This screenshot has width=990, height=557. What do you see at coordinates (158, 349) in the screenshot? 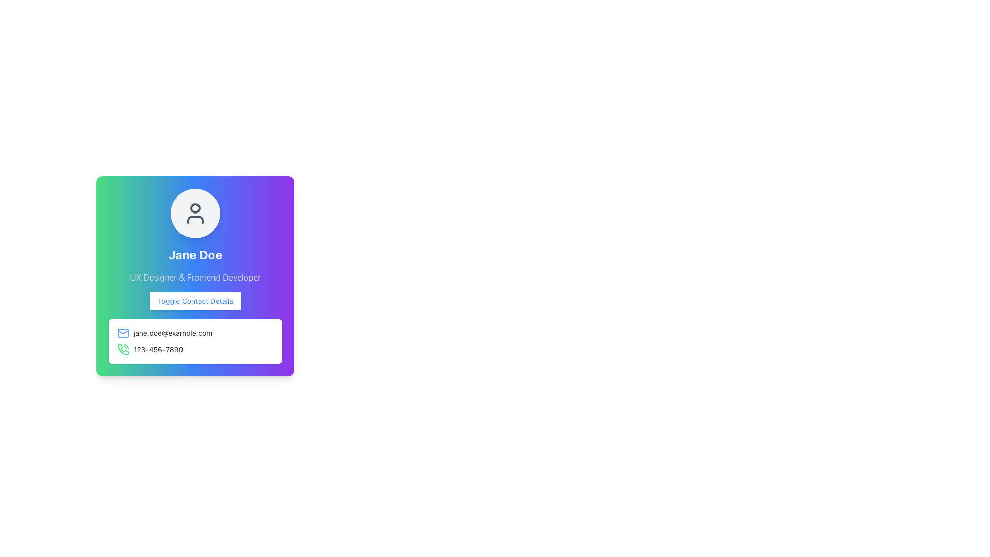
I see `phone number displayed in the Static Text located at the bottom of the card interface, positioned to the right of the green phone icon` at bounding box center [158, 349].